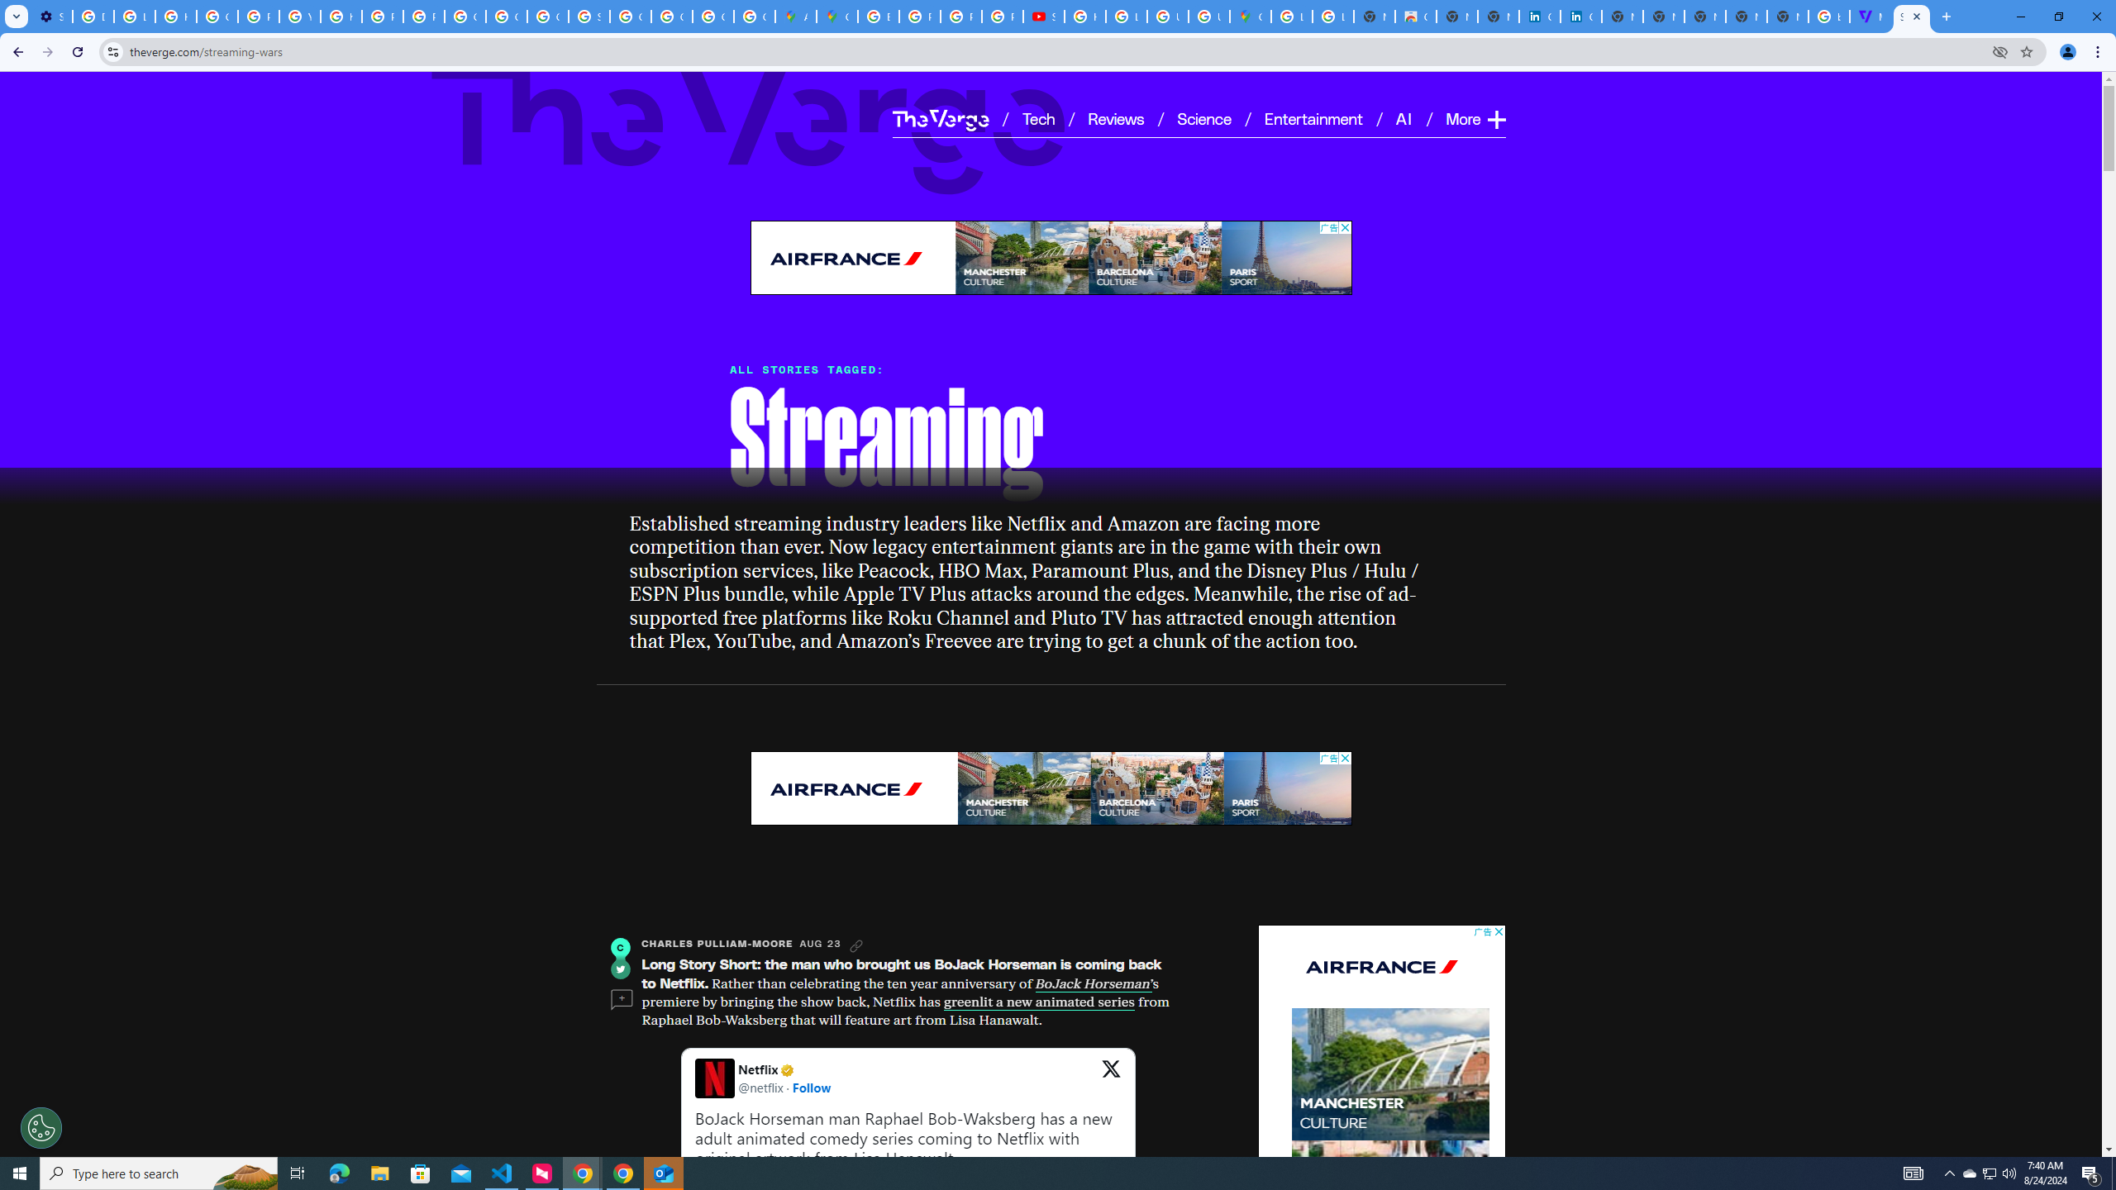 This screenshot has width=2116, height=1190. Describe the element at coordinates (259, 16) in the screenshot. I see `'Privacy Help Center - Policies Help'` at that location.